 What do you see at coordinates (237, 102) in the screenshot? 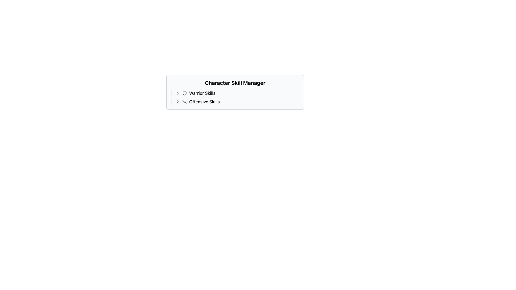
I see `the 'Offensive Skills' selectable list item, which is the second item` at bounding box center [237, 102].